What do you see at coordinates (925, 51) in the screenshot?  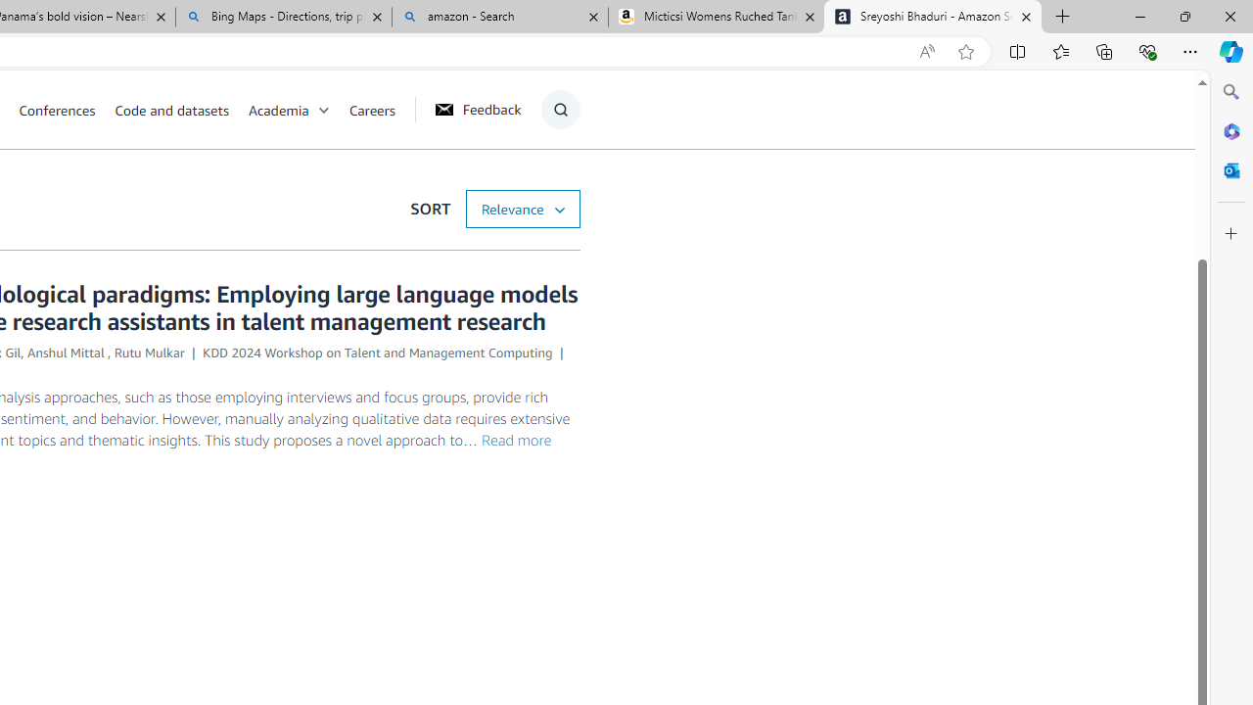 I see `'Read aloud this page (Ctrl+Shift+U)'` at bounding box center [925, 51].